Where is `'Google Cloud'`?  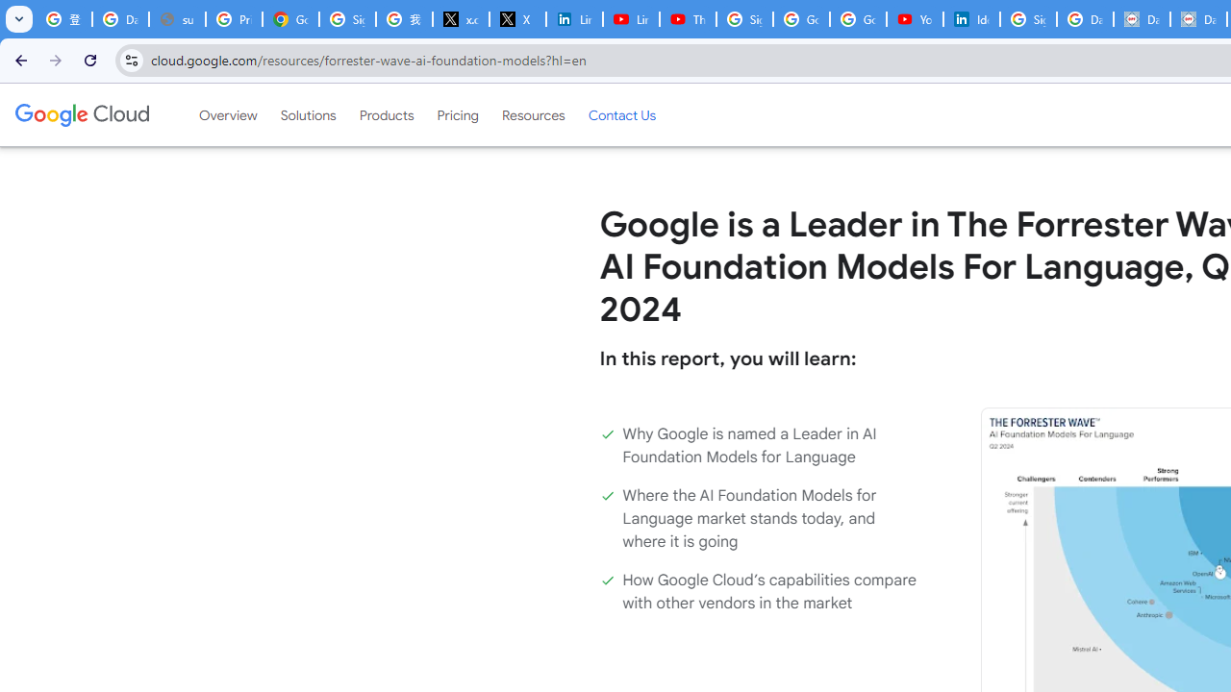
'Google Cloud' is located at coordinates (81, 114).